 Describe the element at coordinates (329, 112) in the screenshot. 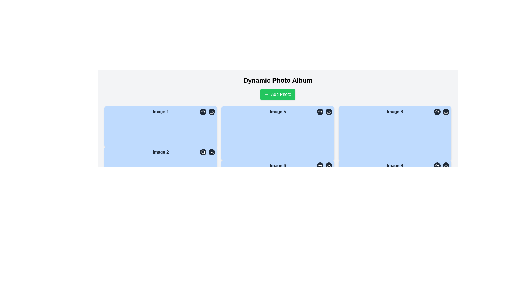

I see `the 'Download' button located at the top-right corner of the 'Image 5' box, which is the second icon in the small icon group next to the magnifying glass icon, to initiate the download of the associated image file` at that location.